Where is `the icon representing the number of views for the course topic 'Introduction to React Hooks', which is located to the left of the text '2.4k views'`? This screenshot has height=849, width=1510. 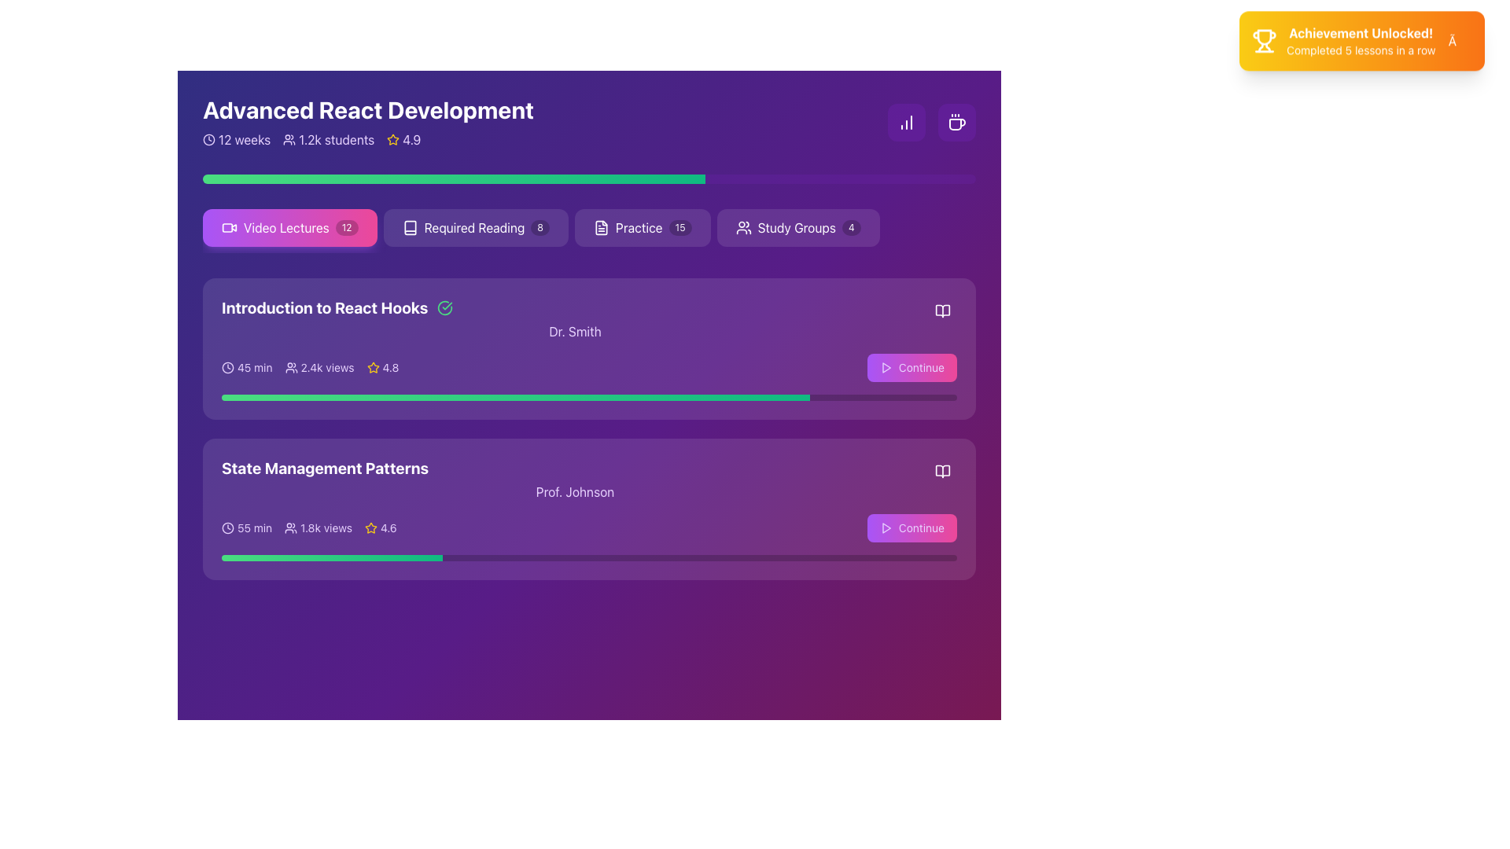 the icon representing the number of views for the course topic 'Introduction to React Hooks', which is located to the left of the text '2.4k views' is located at coordinates (291, 367).